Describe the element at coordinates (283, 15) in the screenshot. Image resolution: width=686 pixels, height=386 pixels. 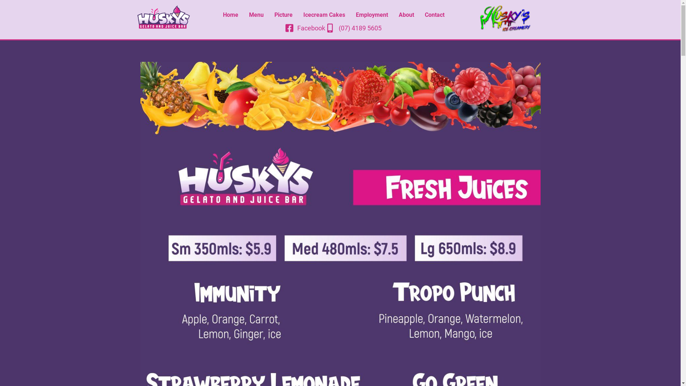
I see `'Picture'` at that location.